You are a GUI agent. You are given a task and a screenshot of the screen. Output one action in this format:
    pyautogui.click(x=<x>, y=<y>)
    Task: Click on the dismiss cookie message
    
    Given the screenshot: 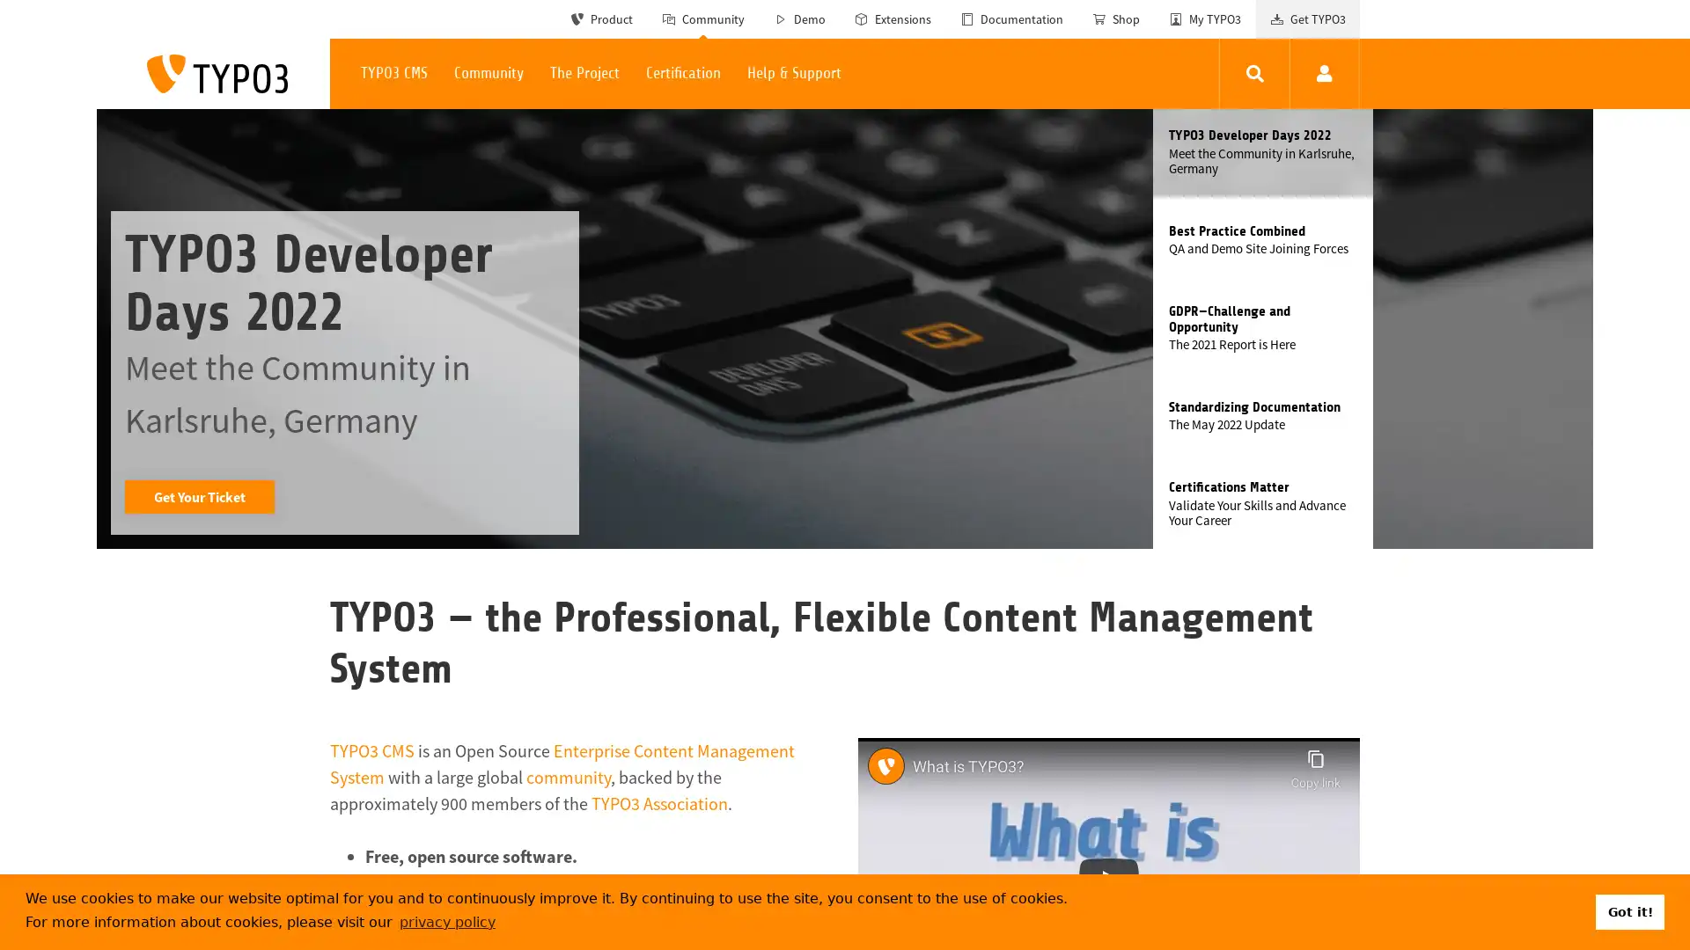 What is the action you would take?
    pyautogui.click(x=1629, y=910)
    